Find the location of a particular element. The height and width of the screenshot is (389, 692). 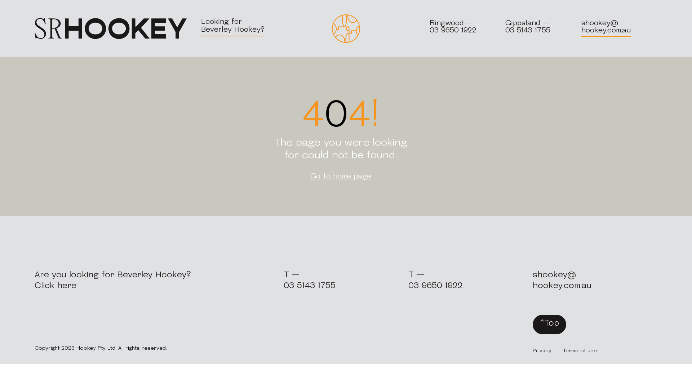

'Beverley Hookey?' is located at coordinates (233, 30).